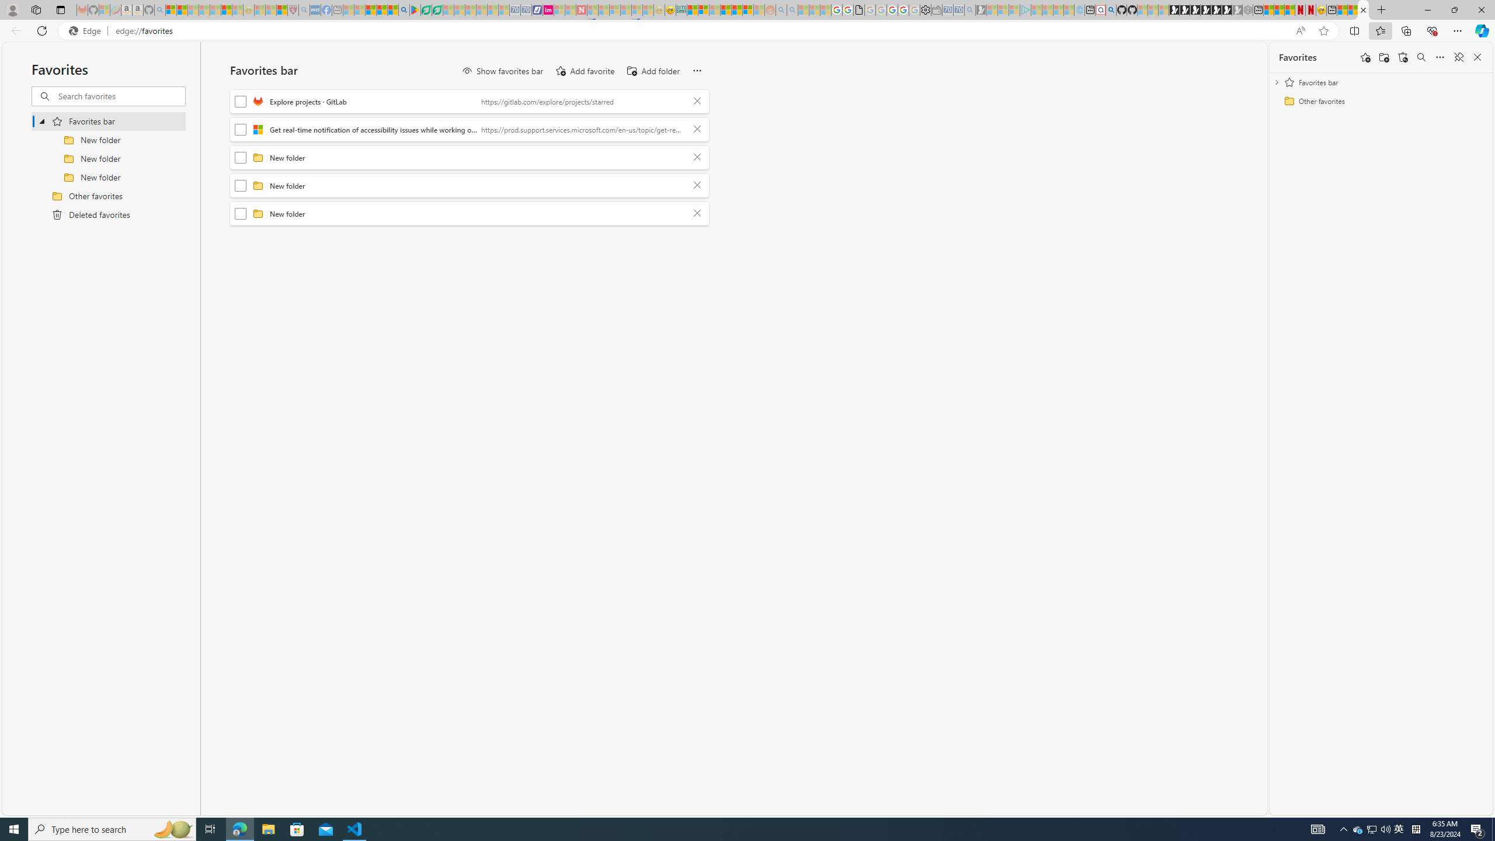 Image resolution: width=1495 pixels, height=841 pixels. What do you see at coordinates (1173, 9) in the screenshot?
I see `'Play Free Online Games | Games from Microsoft Start'` at bounding box center [1173, 9].